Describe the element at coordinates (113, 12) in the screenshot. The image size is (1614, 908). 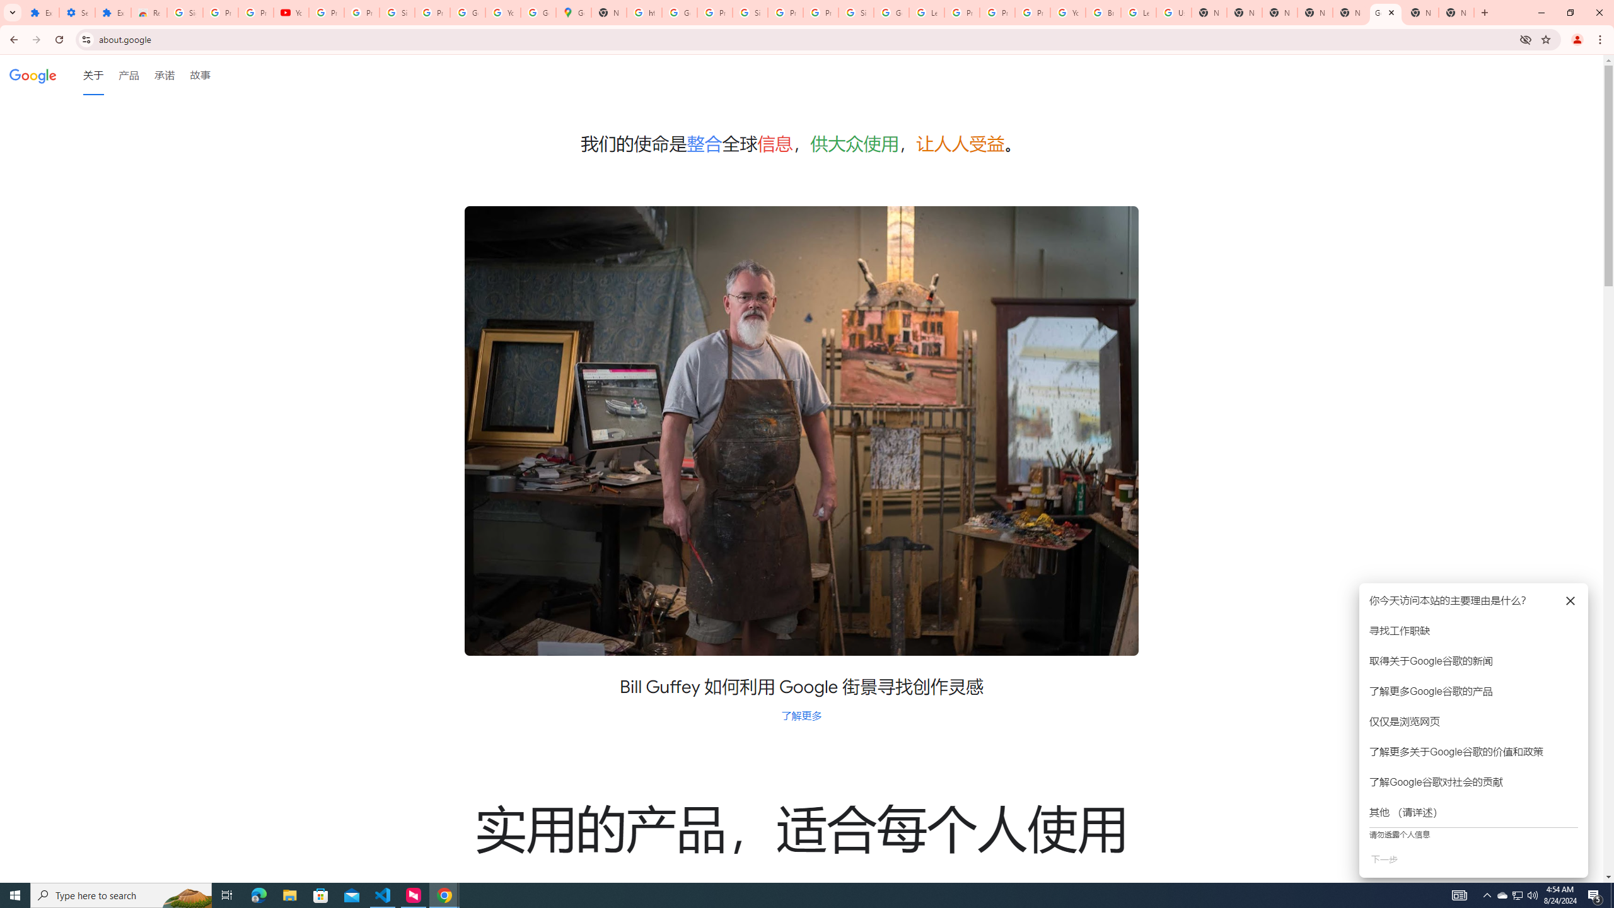
I see `'Extensions'` at that location.